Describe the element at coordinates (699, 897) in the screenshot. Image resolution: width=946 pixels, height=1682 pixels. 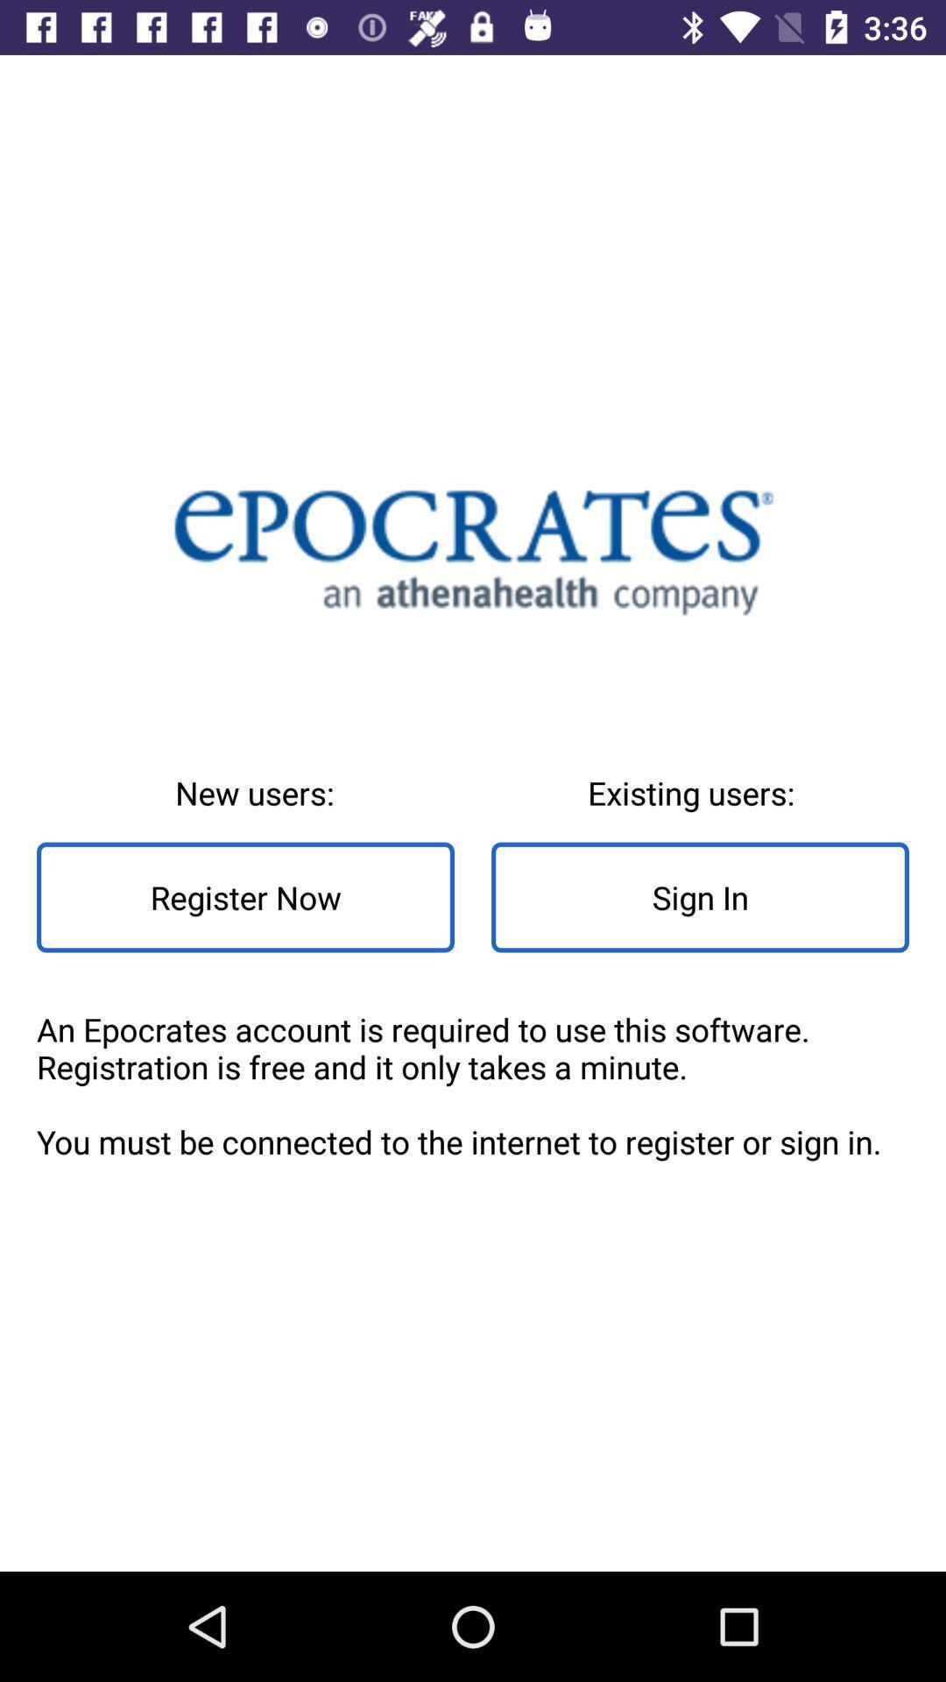
I see `sign in item` at that location.